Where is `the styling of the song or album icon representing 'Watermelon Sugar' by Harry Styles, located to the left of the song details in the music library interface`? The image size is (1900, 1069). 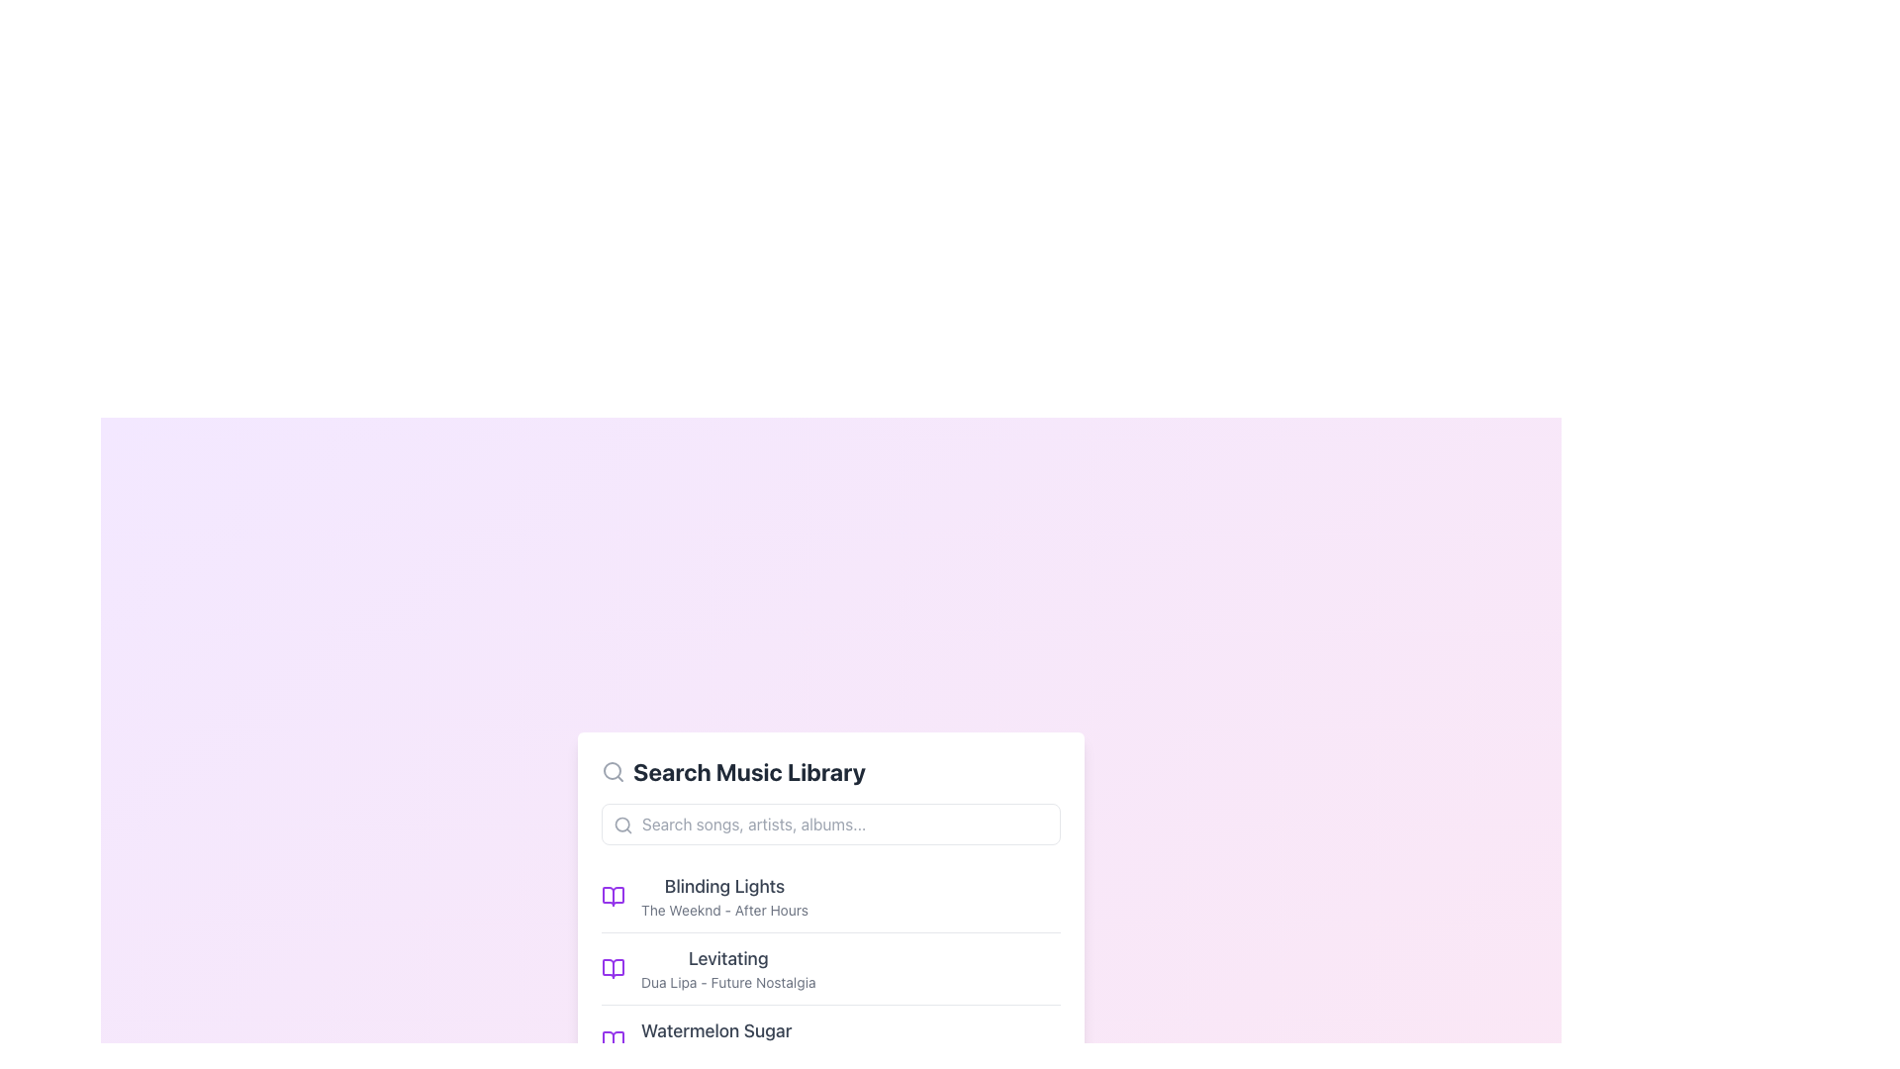
the styling of the song or album icon representing 'Watermelon Sugar' by Harry Styles, located to the left of the song details in the music library interface is located at coordinates (612, 1038).